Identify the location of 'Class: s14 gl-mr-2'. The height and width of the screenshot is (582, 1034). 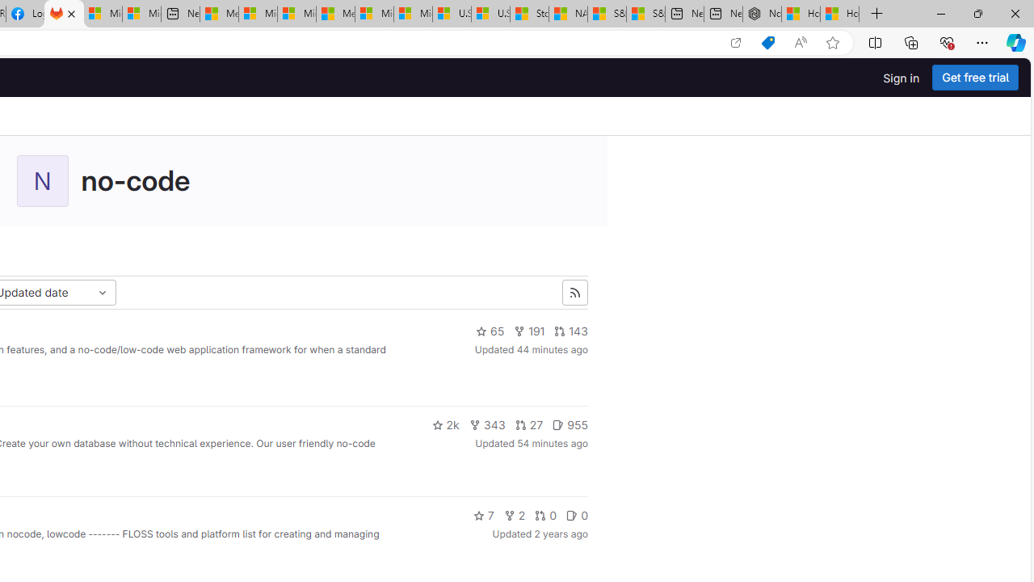
(572, 515).